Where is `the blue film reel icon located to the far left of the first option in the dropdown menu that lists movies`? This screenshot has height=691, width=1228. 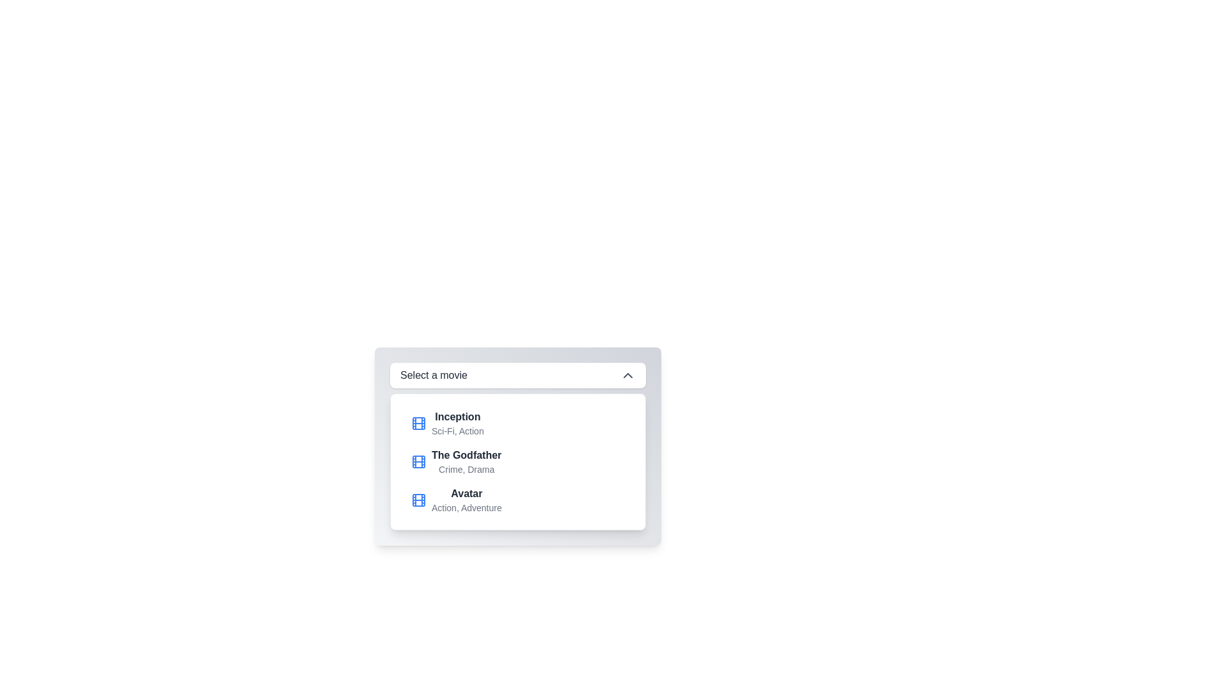 the blue film reel icon located to the far left of the first option in the dropdown menu that lists movies is located at coordinates (418, 424).